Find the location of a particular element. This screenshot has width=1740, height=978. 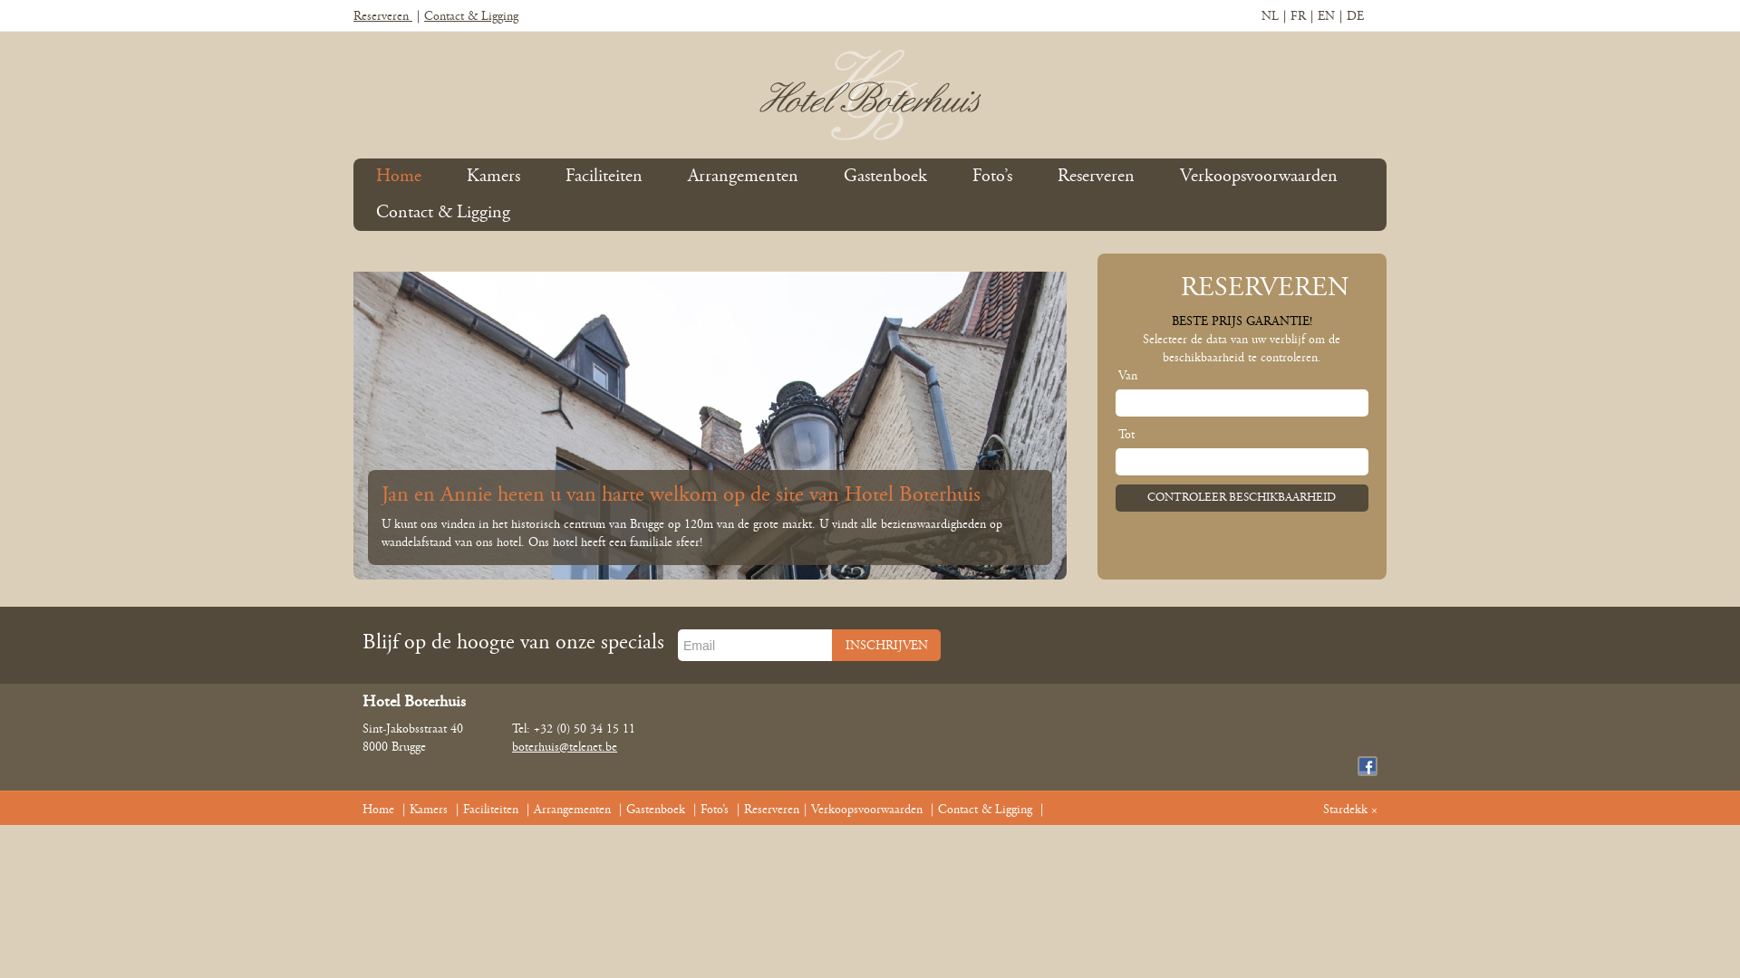

'Faciliteiten' is located at coordinates (490, 809).